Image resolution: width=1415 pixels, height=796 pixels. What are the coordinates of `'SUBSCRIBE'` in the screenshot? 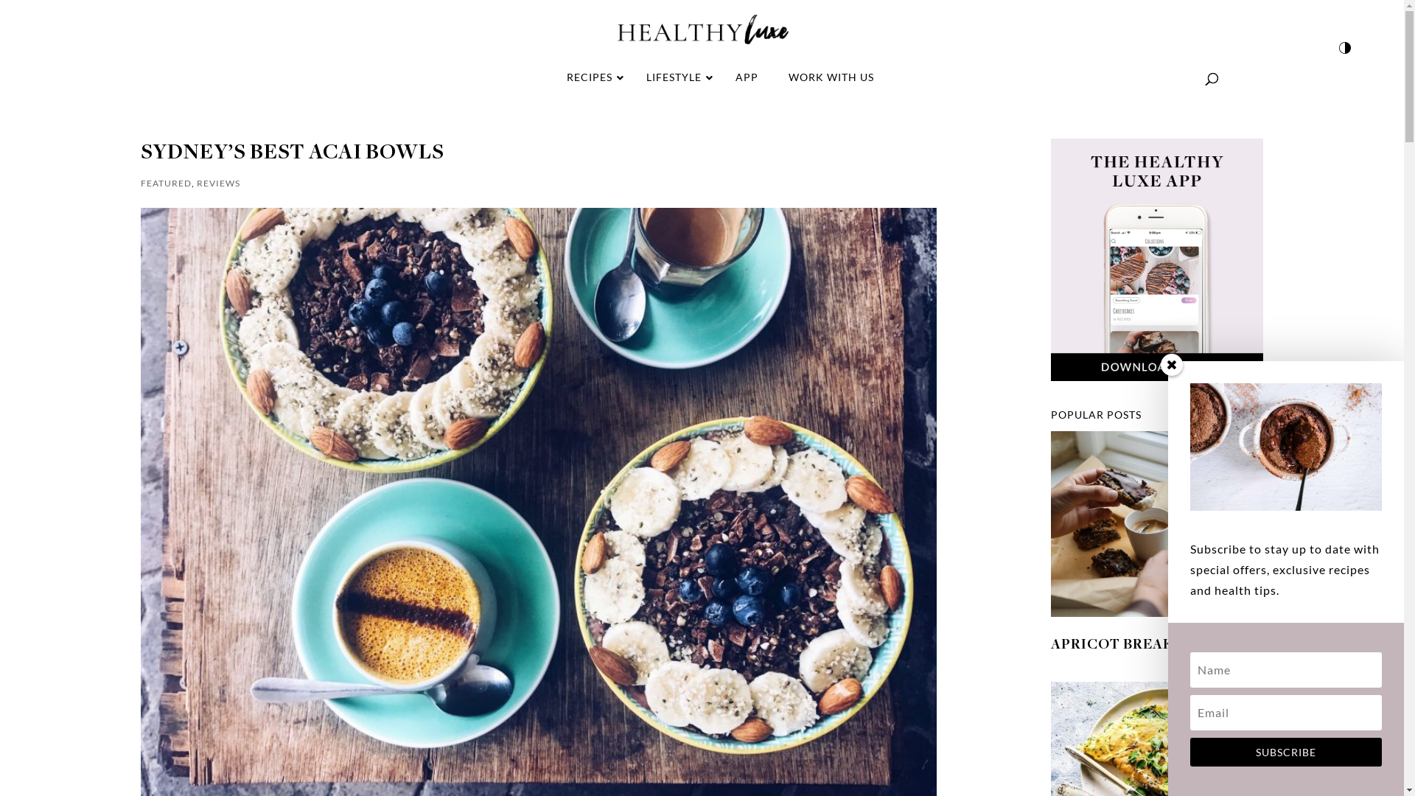 It's located at (1285, 752).